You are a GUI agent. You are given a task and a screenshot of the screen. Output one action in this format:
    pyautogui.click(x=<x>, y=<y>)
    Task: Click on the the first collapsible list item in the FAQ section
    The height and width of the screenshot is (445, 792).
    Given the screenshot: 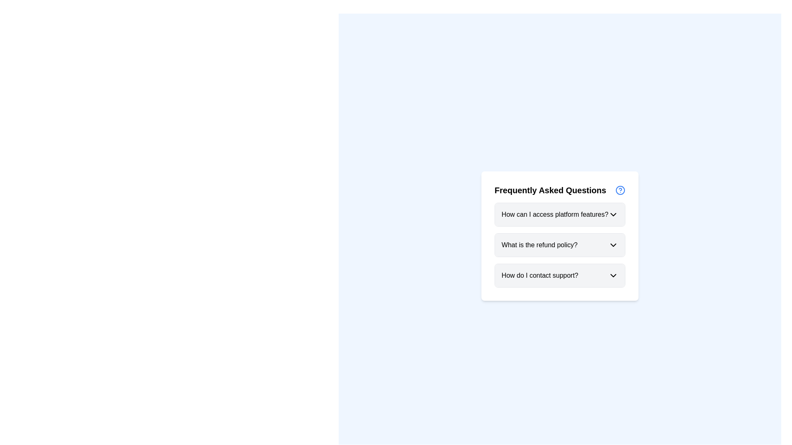 What is the action you would take?
    pyautogui.click(x=560, y=214)
    